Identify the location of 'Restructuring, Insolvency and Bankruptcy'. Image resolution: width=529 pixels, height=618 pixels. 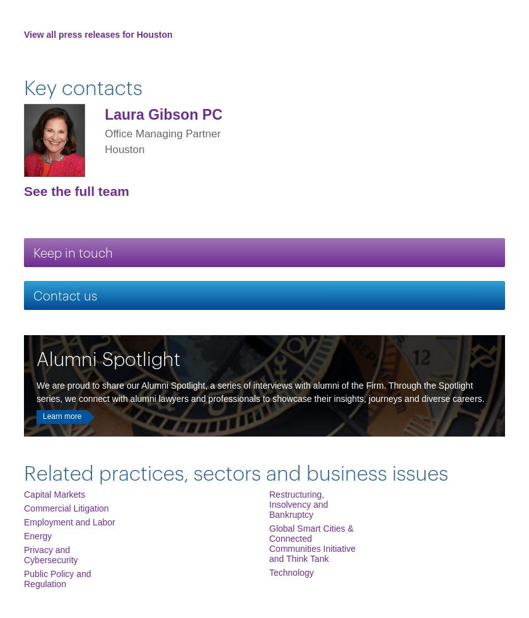
(268, 504).